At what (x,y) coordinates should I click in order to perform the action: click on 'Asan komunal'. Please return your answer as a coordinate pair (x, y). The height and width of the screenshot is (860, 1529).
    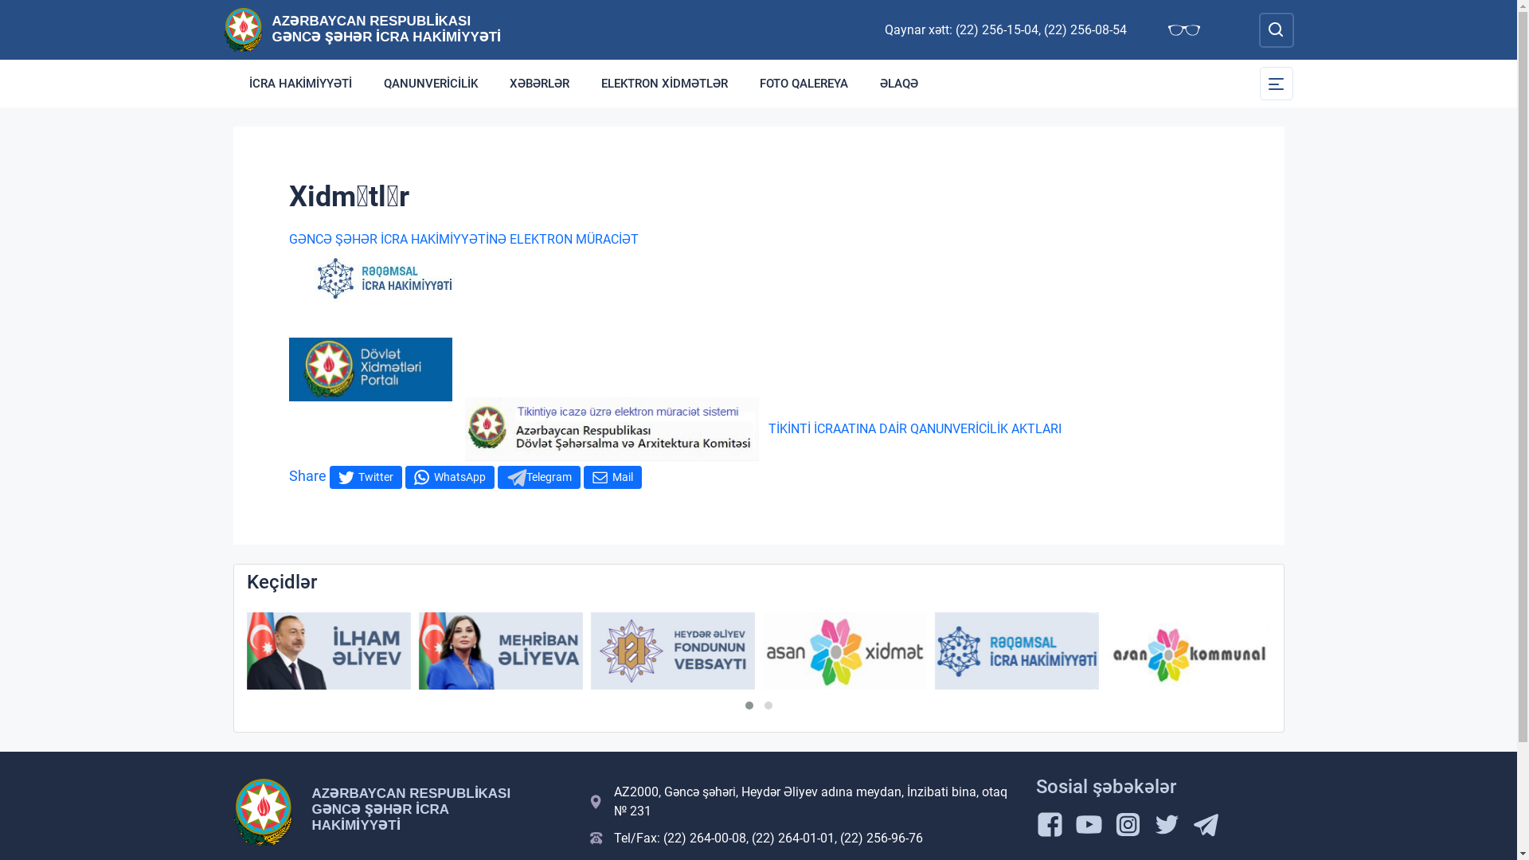
    Looking at the image, I should click on (1106, 651).